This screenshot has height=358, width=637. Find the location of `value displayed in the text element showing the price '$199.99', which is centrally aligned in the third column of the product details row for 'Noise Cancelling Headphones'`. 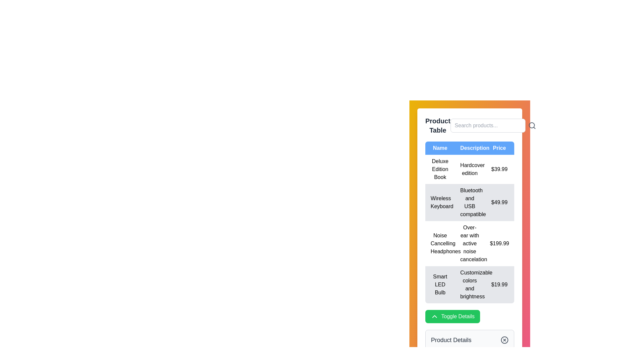

value displayed in the text element showing the price '$199.99', which is centrally aligned in the third column of the product details row for 'Noise Cancelling Headphones' is located at coordinates (499, 244).